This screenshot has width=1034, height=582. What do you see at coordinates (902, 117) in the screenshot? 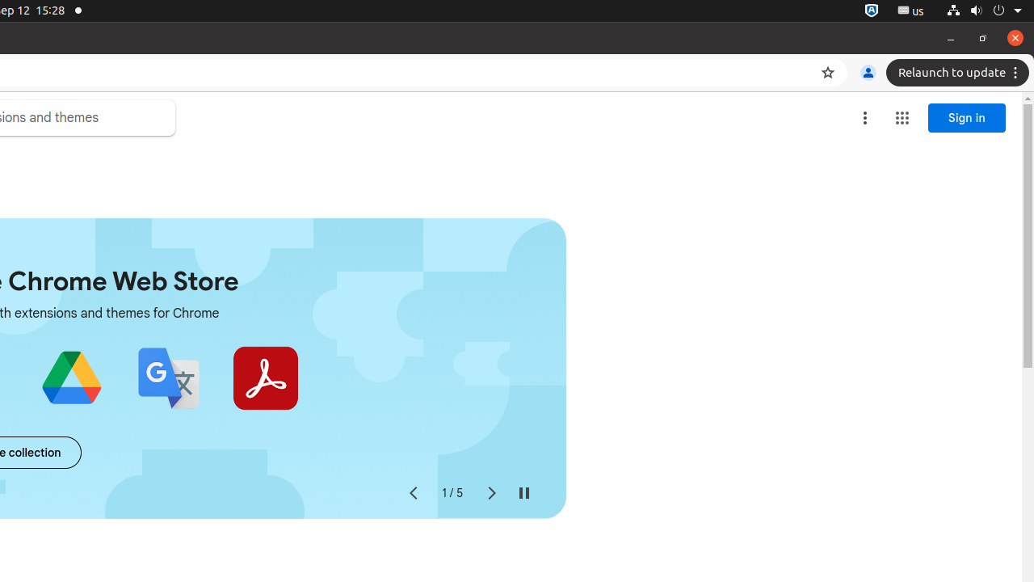
I see `'Google apps'` at bounding box center [902, 117].